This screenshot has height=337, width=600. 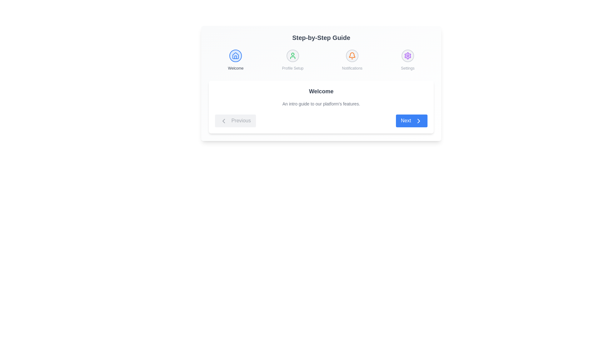 I want to click on the Navigation button with icon and label that serves as an indicator for the 'Welcome' section of the guide, located at the top-left of the content area titled 'Step-by-Step Guide', so click(x=235, y=60).